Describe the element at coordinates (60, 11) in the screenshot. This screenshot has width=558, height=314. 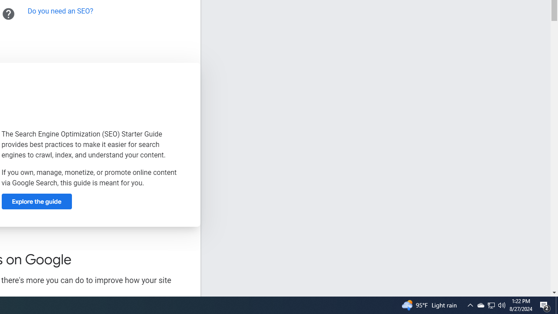
I see `'Do you need an SEO?'` at that location.